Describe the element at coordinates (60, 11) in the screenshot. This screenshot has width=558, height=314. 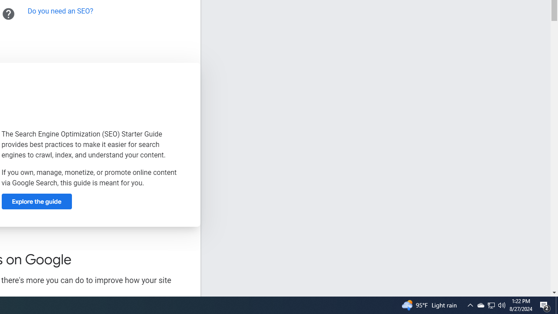
I see `'Do you need an SEO?'` at that location.